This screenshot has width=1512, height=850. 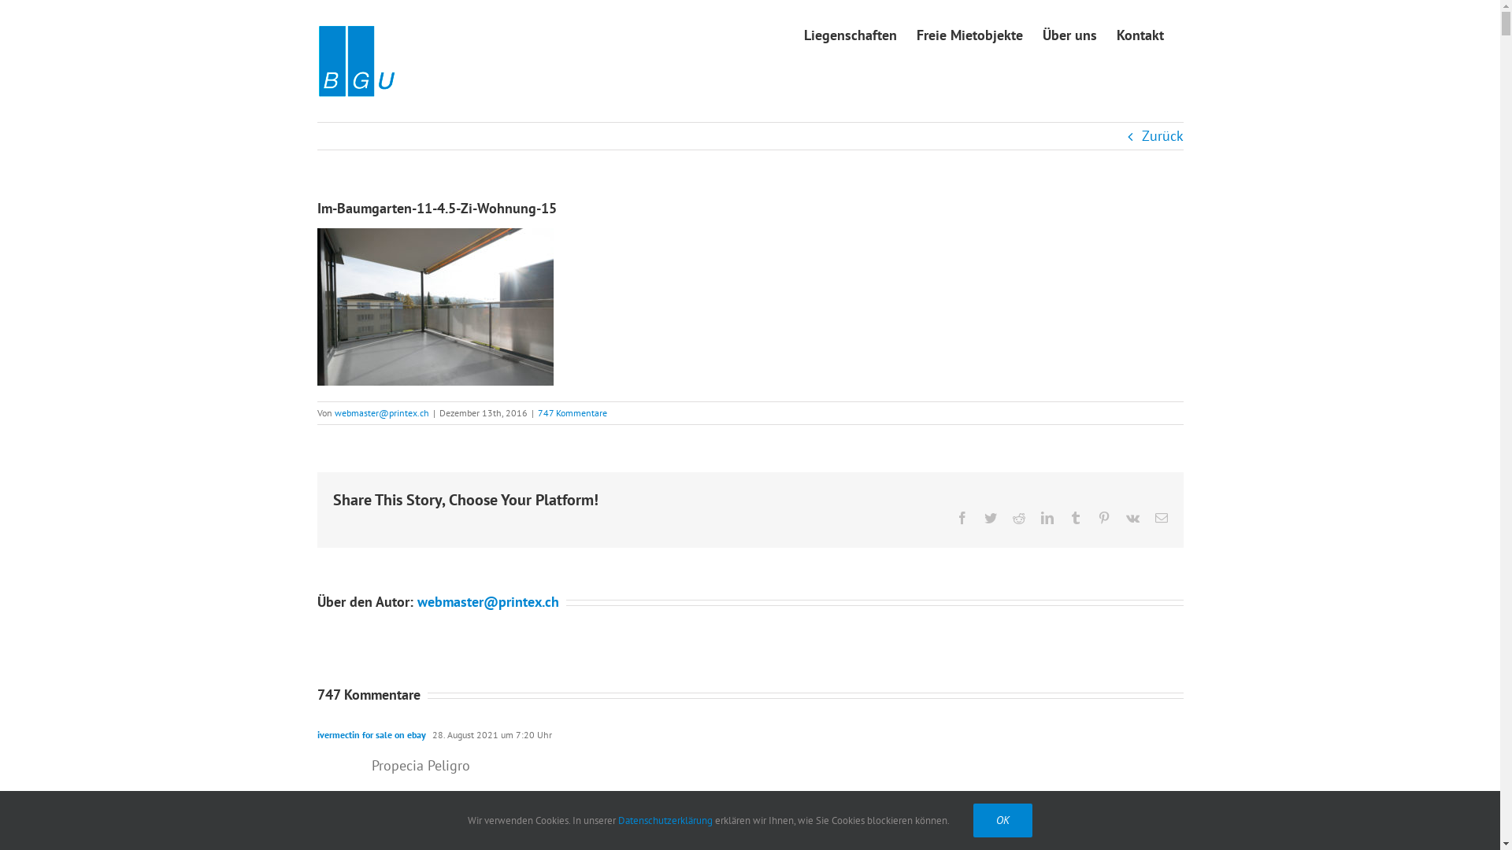 I want to click on 'Vk', so click(x=1132, y=518).